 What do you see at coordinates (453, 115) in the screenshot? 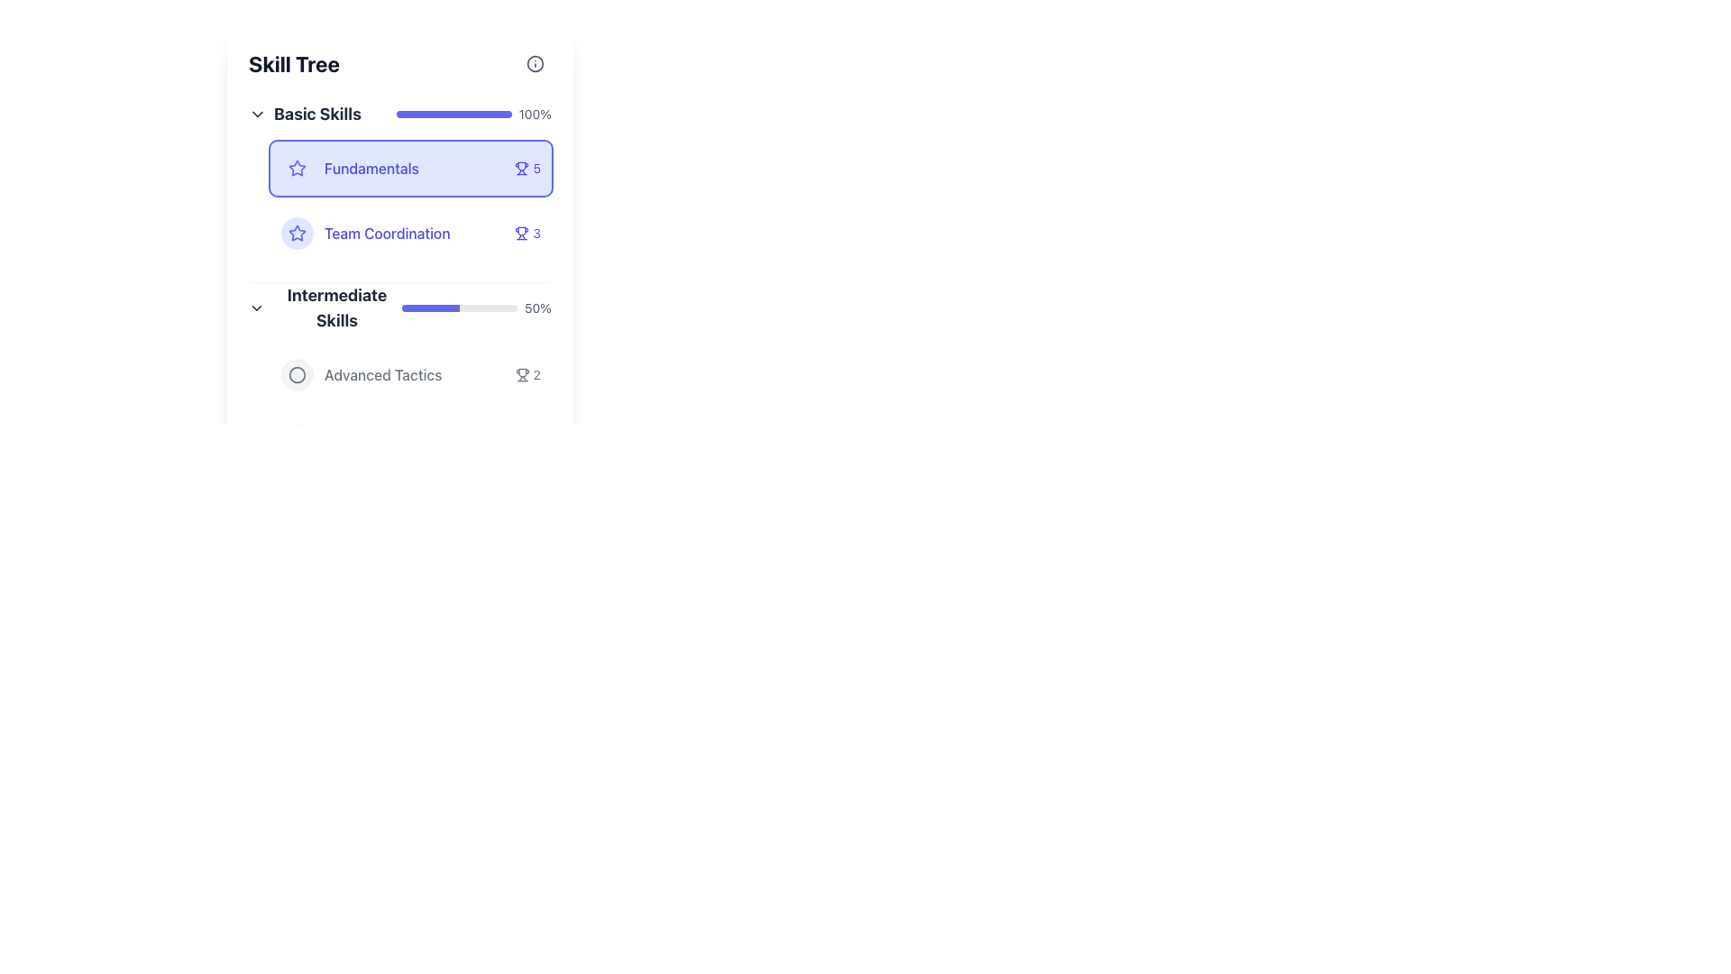
I see `the progress bar located at the top of the 'Basic Skills' category under the 'Skill Tree' section, which features a gray background and a purple filling bar` at bounding box center [453, 115].